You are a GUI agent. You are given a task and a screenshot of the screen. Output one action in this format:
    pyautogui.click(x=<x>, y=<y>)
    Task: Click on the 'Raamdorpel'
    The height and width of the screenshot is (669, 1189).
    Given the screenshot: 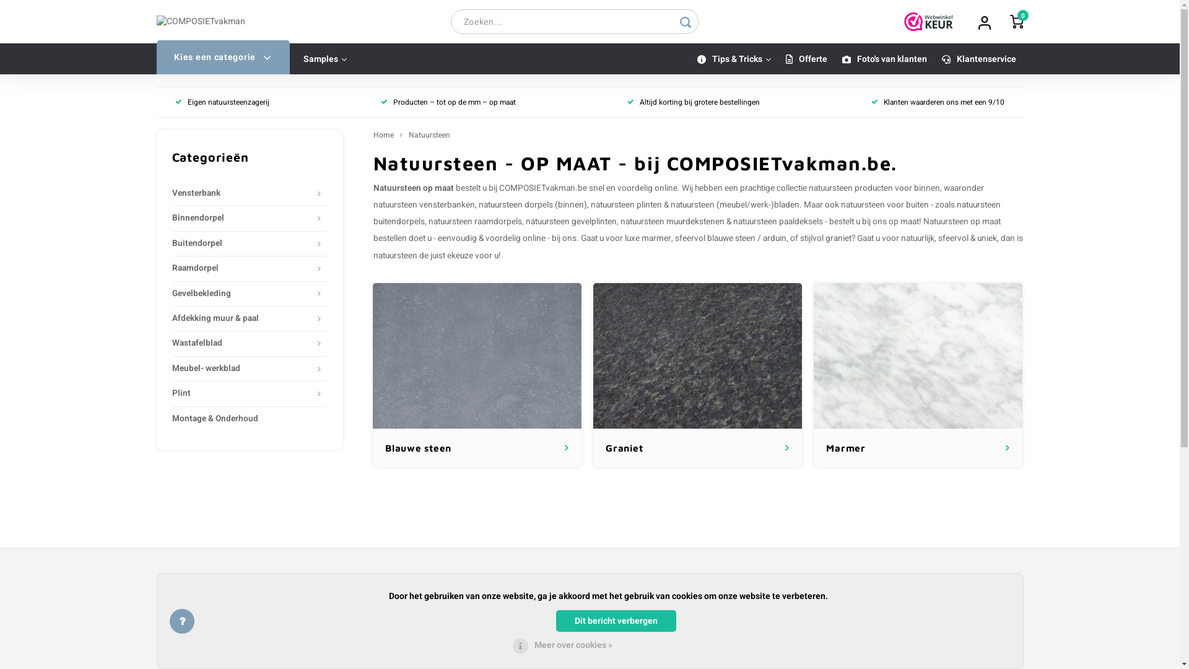 What is the action you would take?
    pyautogui.click(x=242, y=268)
    